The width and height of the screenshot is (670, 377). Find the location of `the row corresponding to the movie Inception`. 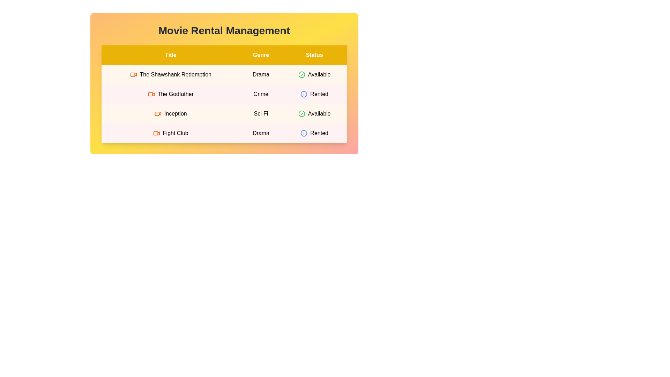

the row corresponding to the movie Inception is located at coordinates (224, 113).